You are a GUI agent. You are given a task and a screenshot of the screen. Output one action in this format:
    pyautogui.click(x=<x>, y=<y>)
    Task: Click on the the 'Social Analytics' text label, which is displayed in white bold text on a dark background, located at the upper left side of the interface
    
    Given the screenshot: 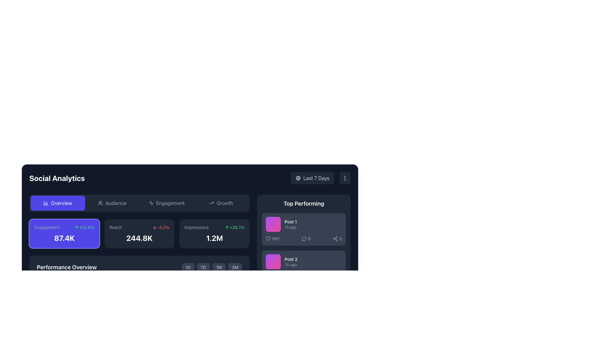 What is the action you would take?
    pyautogui.click(x=57, y=178)
    